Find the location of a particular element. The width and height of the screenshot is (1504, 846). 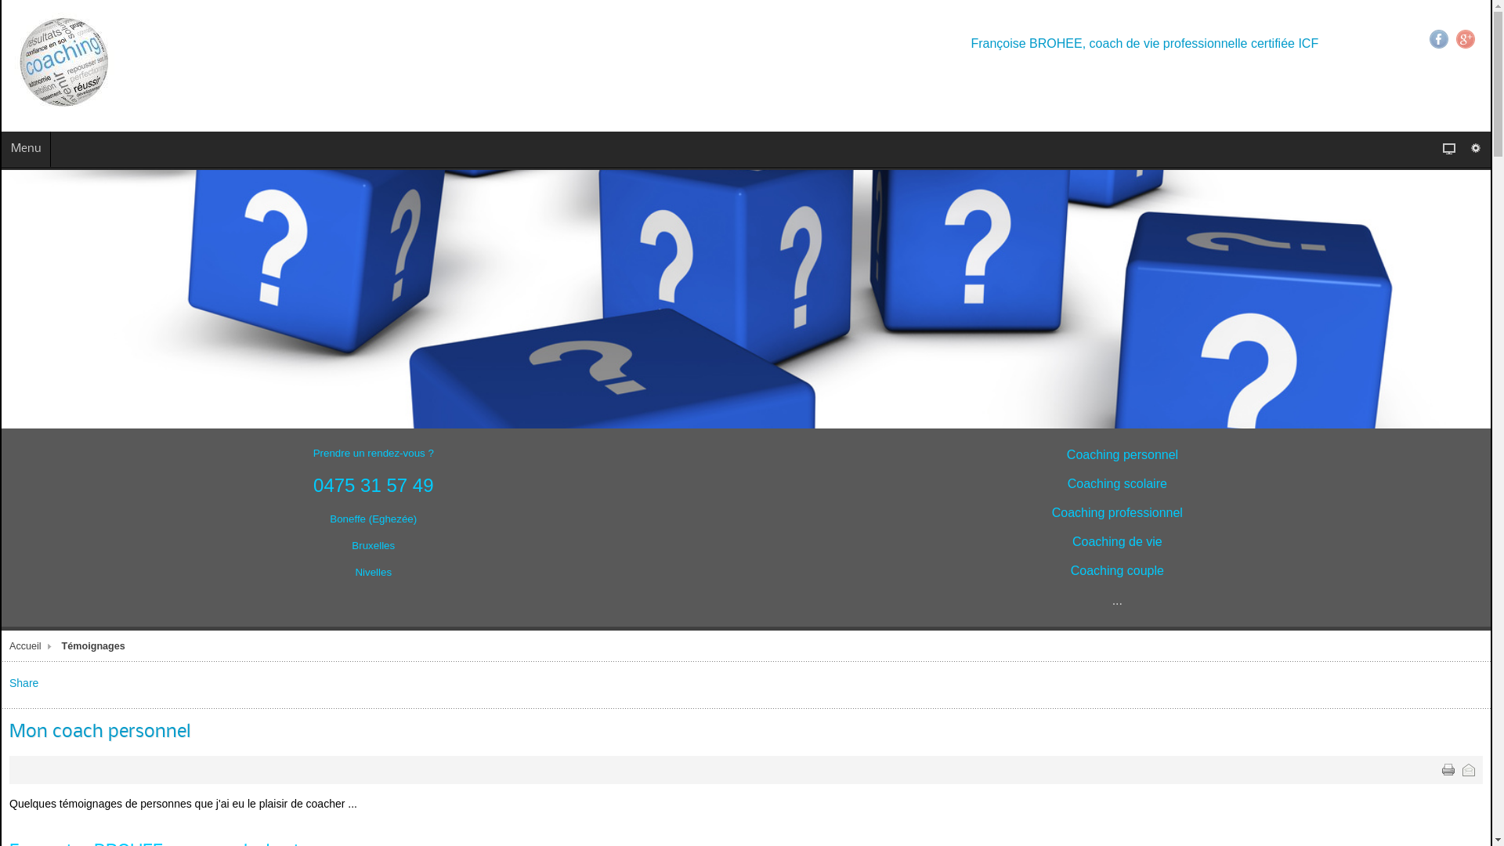

' ' is located at coordinates (1447, 769).